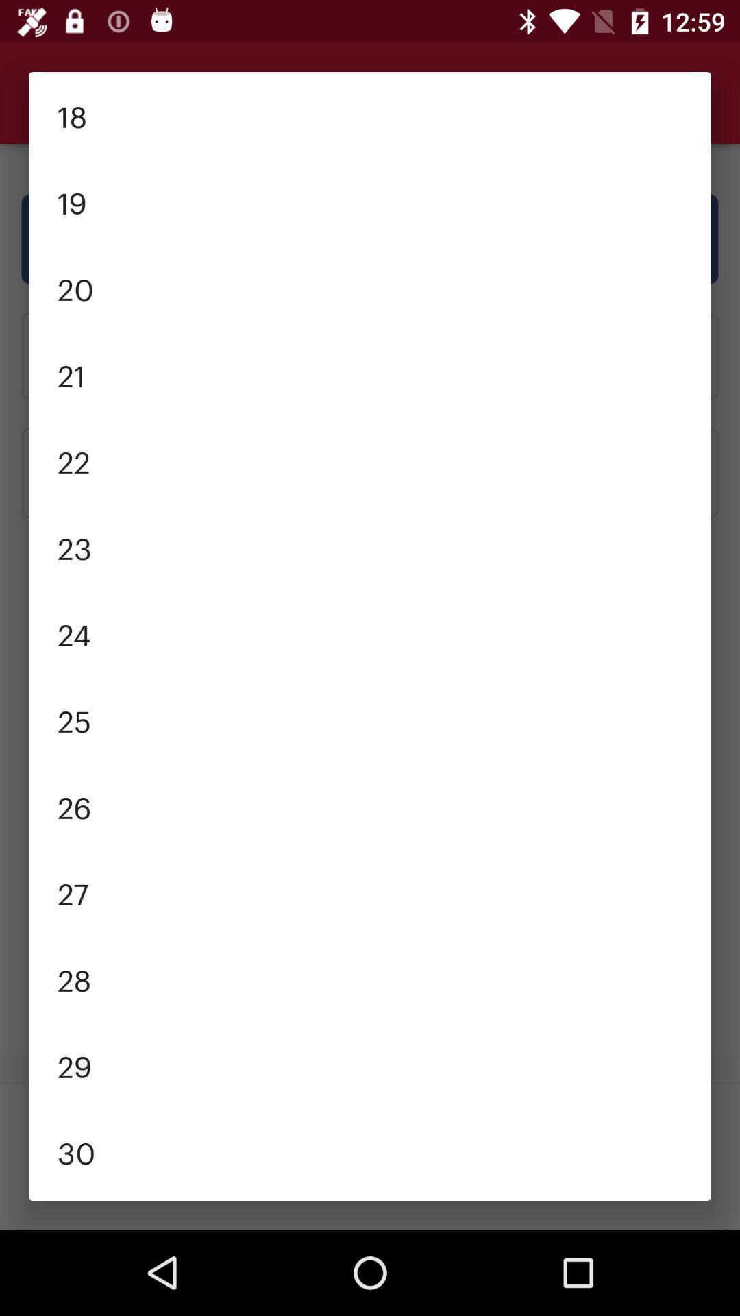 This screenshot has height=1316, width=740. I want to click on the item above the 26 item, so click(370, 719).